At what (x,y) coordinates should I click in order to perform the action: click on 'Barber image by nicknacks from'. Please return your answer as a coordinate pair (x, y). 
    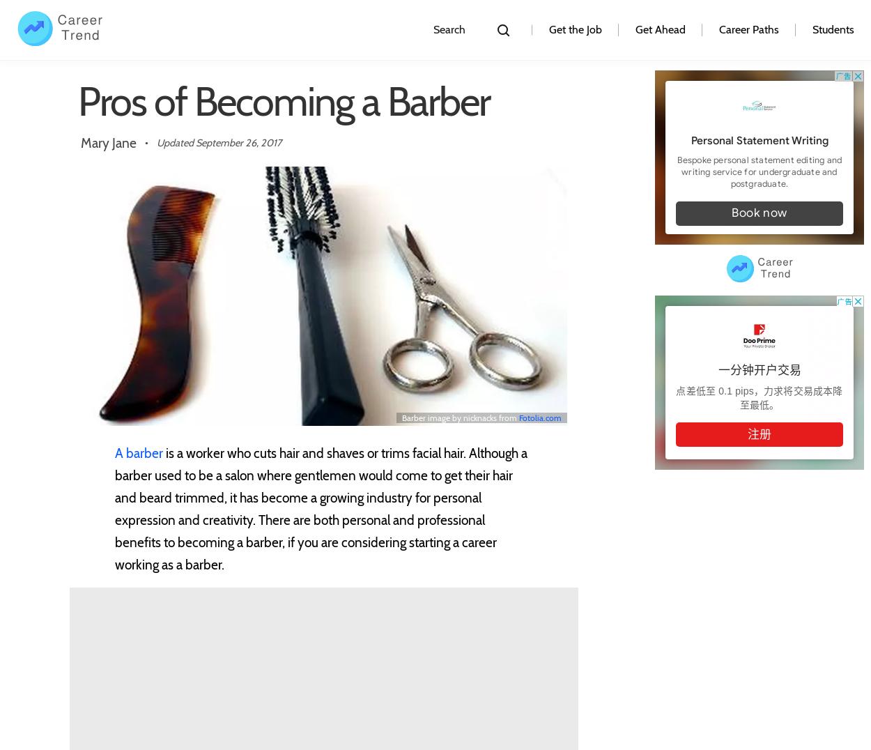
    Looking at the image, I should click on (461, 417).